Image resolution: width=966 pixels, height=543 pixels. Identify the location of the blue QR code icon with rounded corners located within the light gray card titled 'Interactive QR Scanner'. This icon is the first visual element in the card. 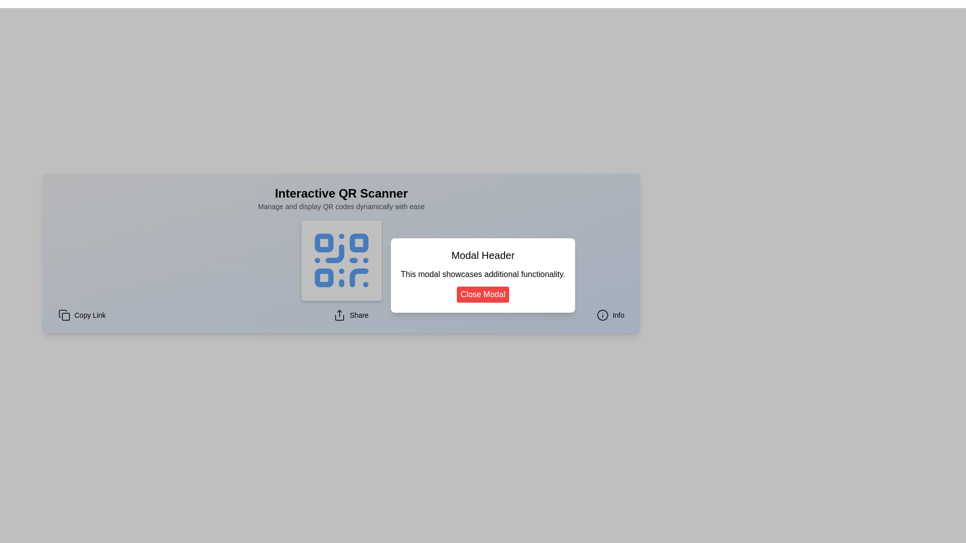
(341, 259).